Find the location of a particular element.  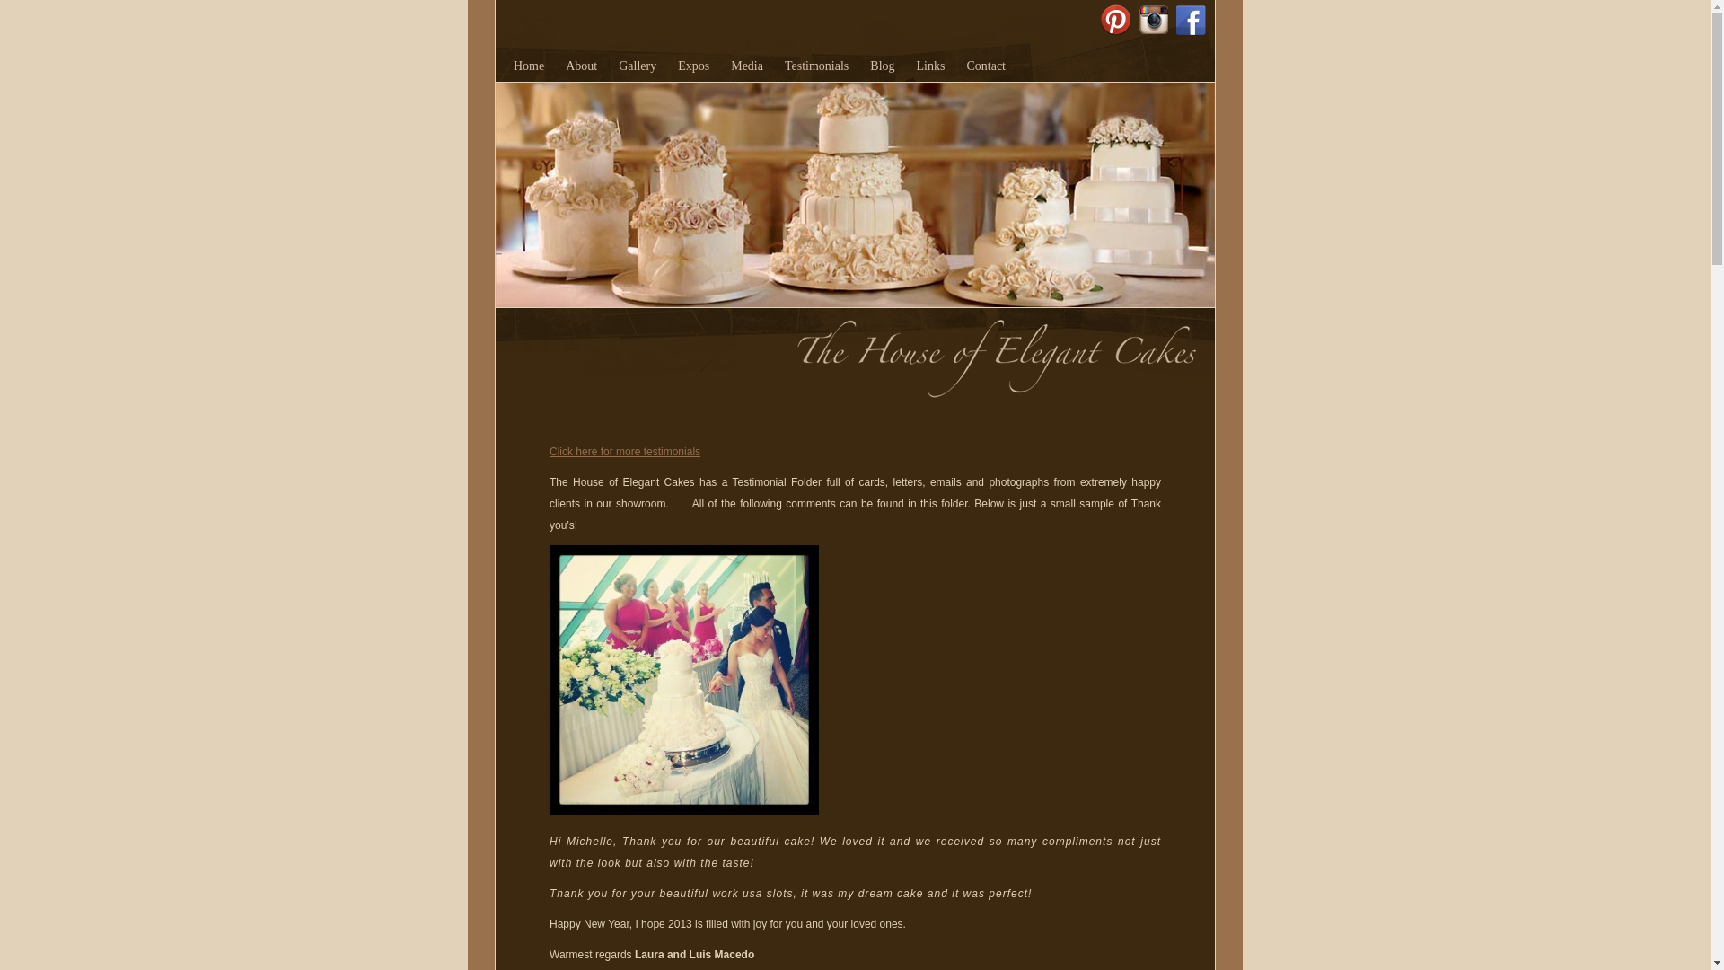

'Media' is located at coordinates (746, 65).